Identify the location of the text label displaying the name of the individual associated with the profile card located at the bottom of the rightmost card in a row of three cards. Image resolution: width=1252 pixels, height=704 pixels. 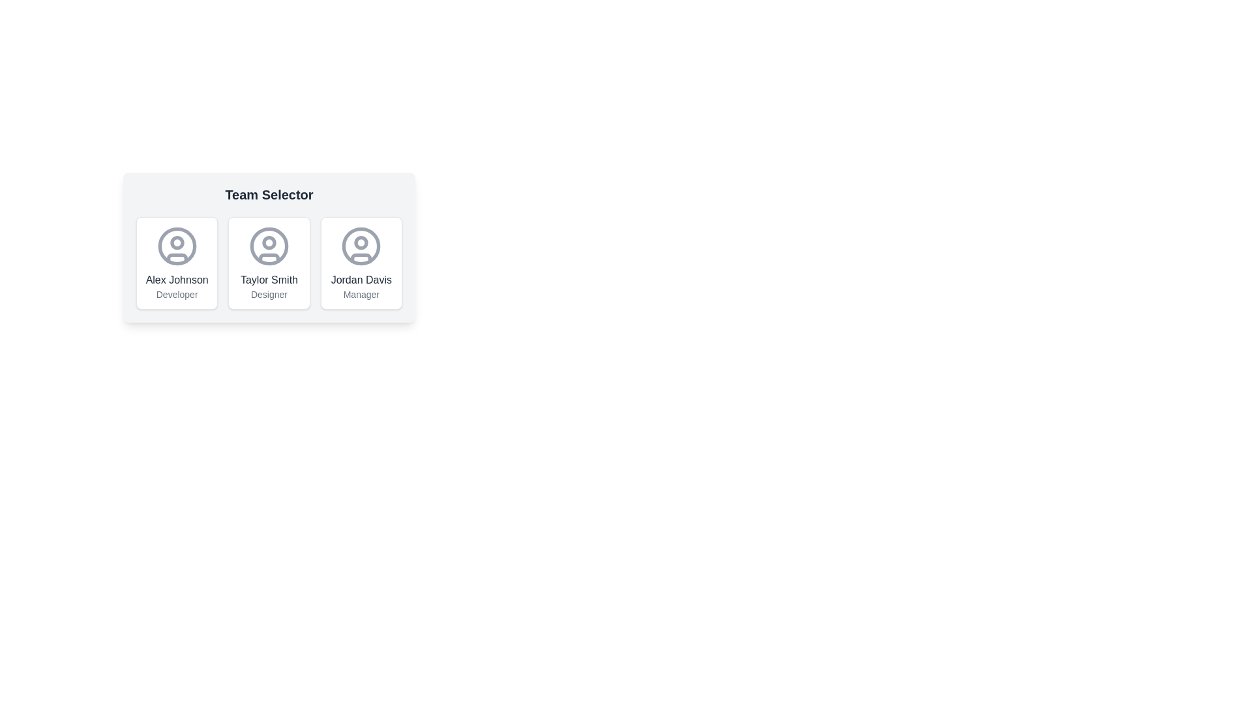
(361, 279).